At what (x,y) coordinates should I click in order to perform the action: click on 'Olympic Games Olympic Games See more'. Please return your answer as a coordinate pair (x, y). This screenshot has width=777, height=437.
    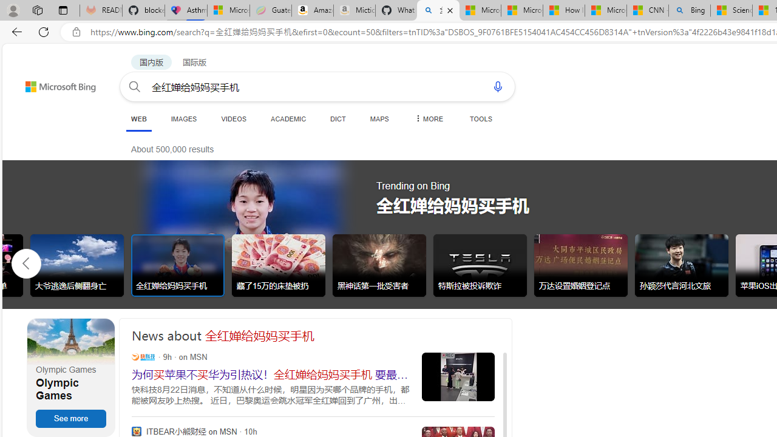
    Looking at the image, I should click on (70, 377).